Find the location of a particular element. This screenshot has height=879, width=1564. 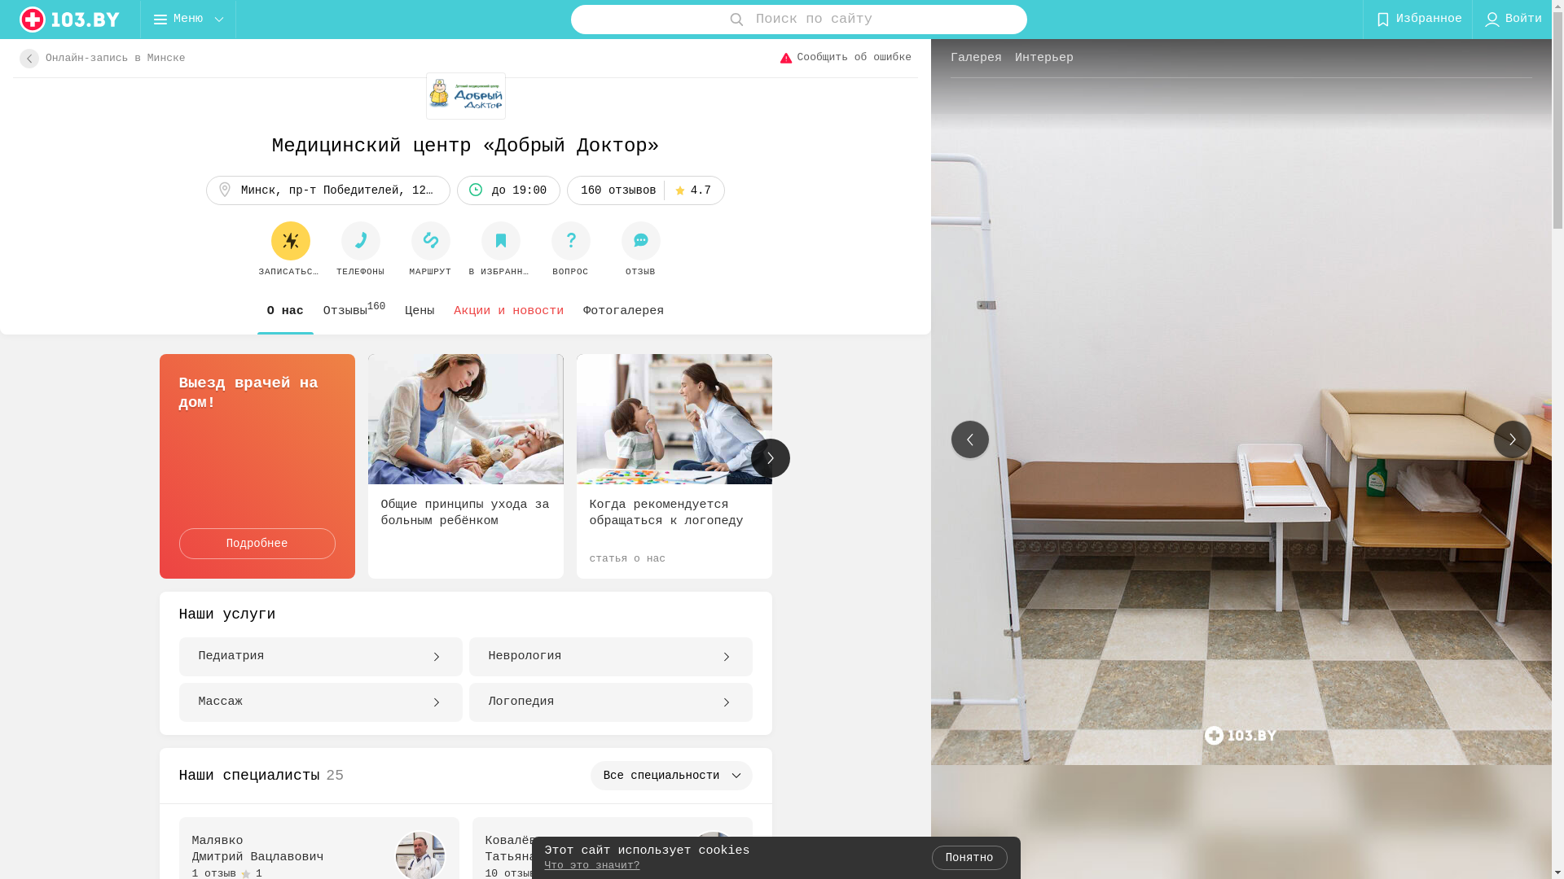

'logo' is located at coordinates (69, 19).